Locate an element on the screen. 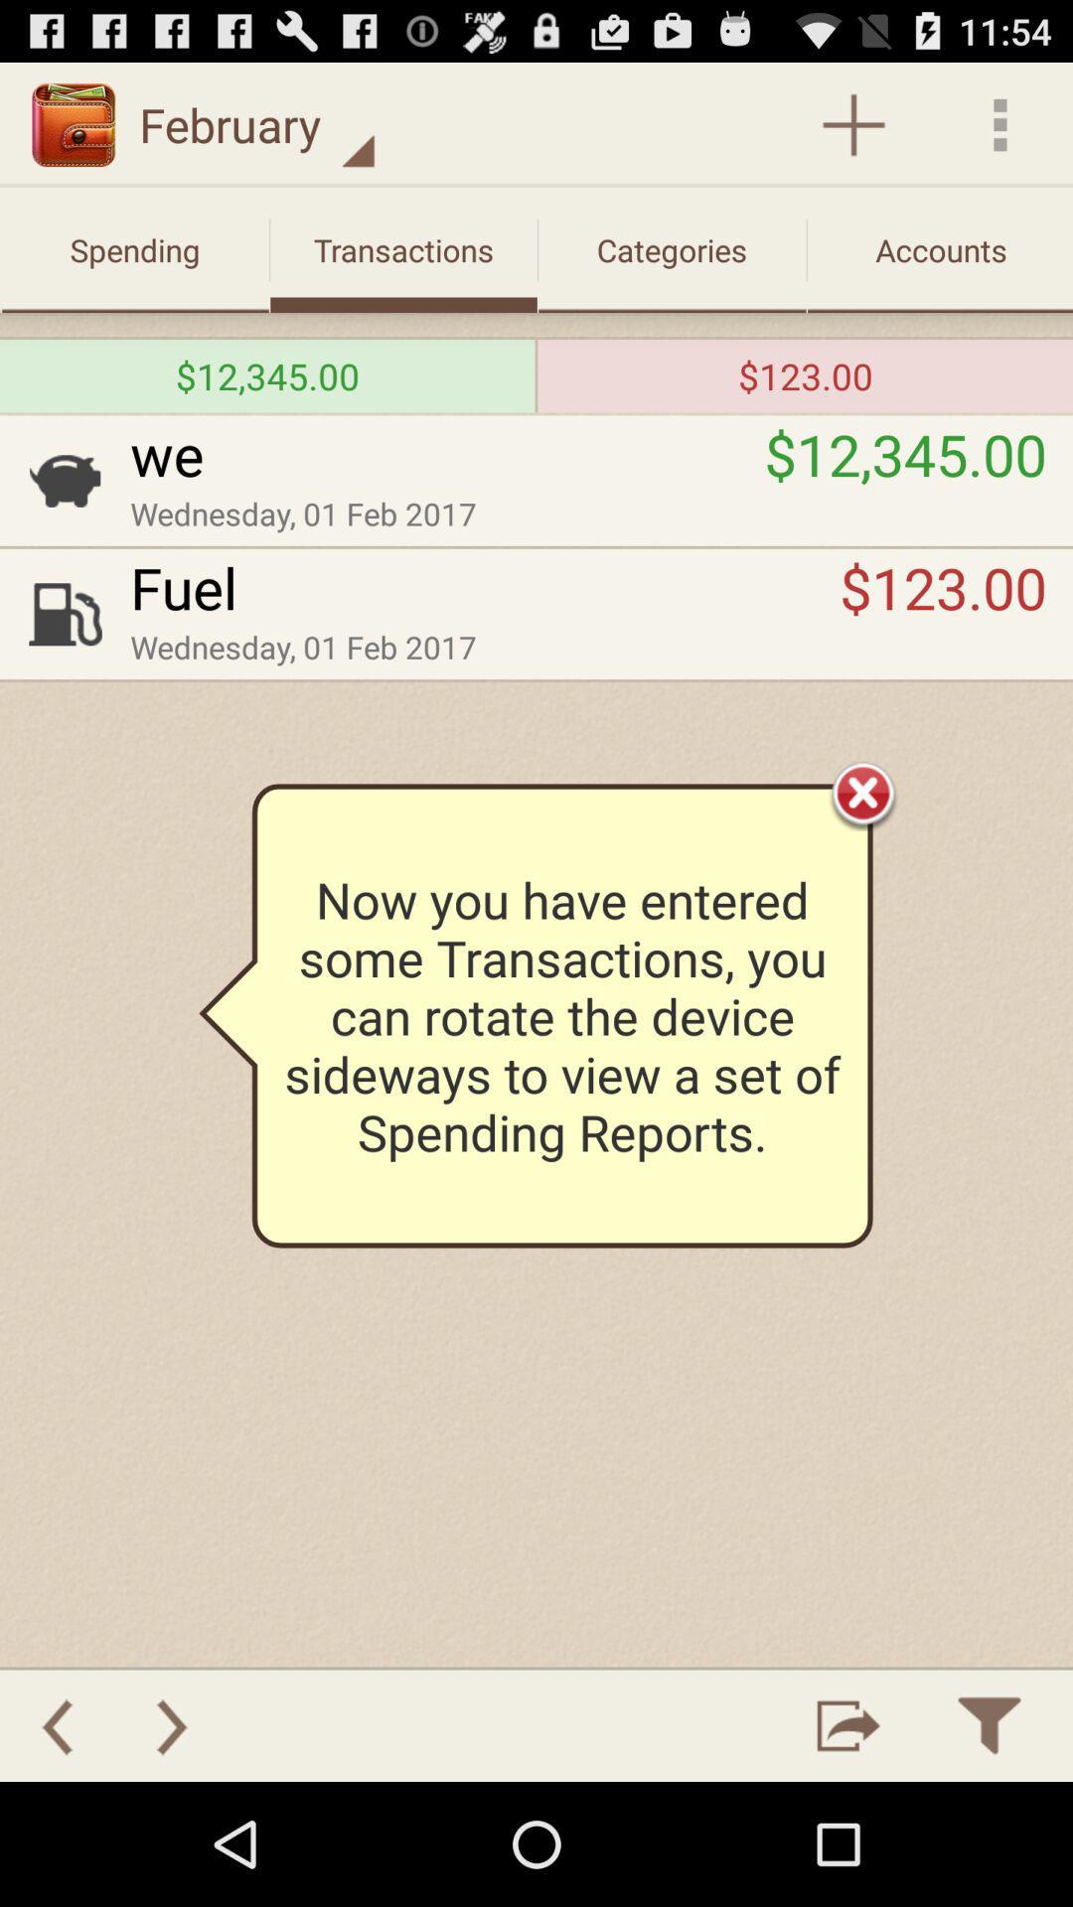  box is located at coordinates (862, 792).